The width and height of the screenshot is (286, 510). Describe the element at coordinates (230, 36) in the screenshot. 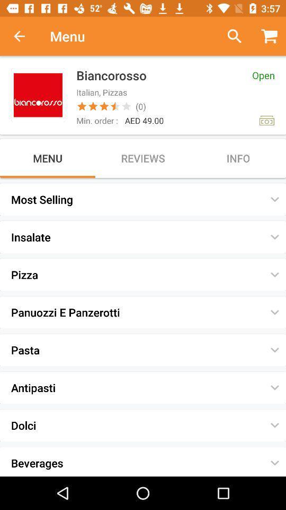

I see `icon above the biancorosso` at that location.